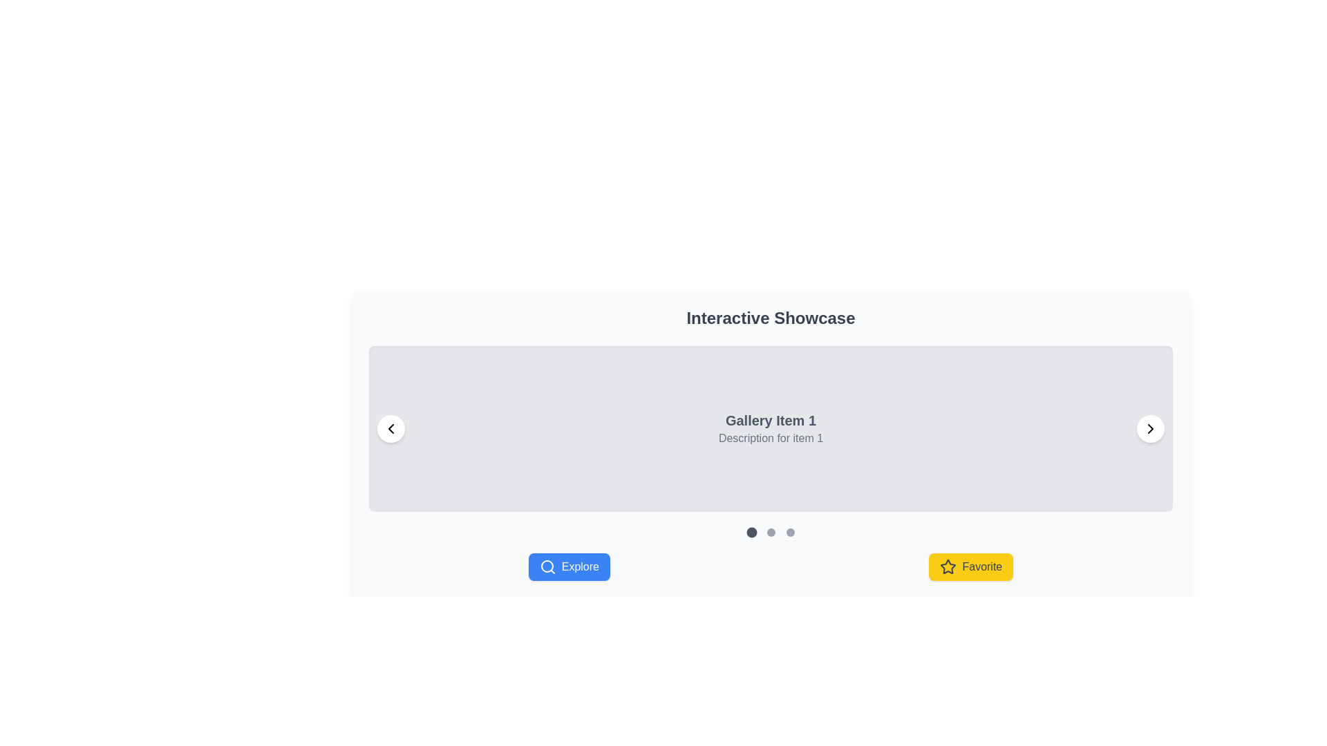  What do you see at coordinates (770, 532) in the screenshot?
I see `the middle dot indicator in the carousel, which is gray and positioned at the bottom of the section containing 'Gallery Item 1' to trigger a tooltip or hover effect` at bounding box center [770, 532].